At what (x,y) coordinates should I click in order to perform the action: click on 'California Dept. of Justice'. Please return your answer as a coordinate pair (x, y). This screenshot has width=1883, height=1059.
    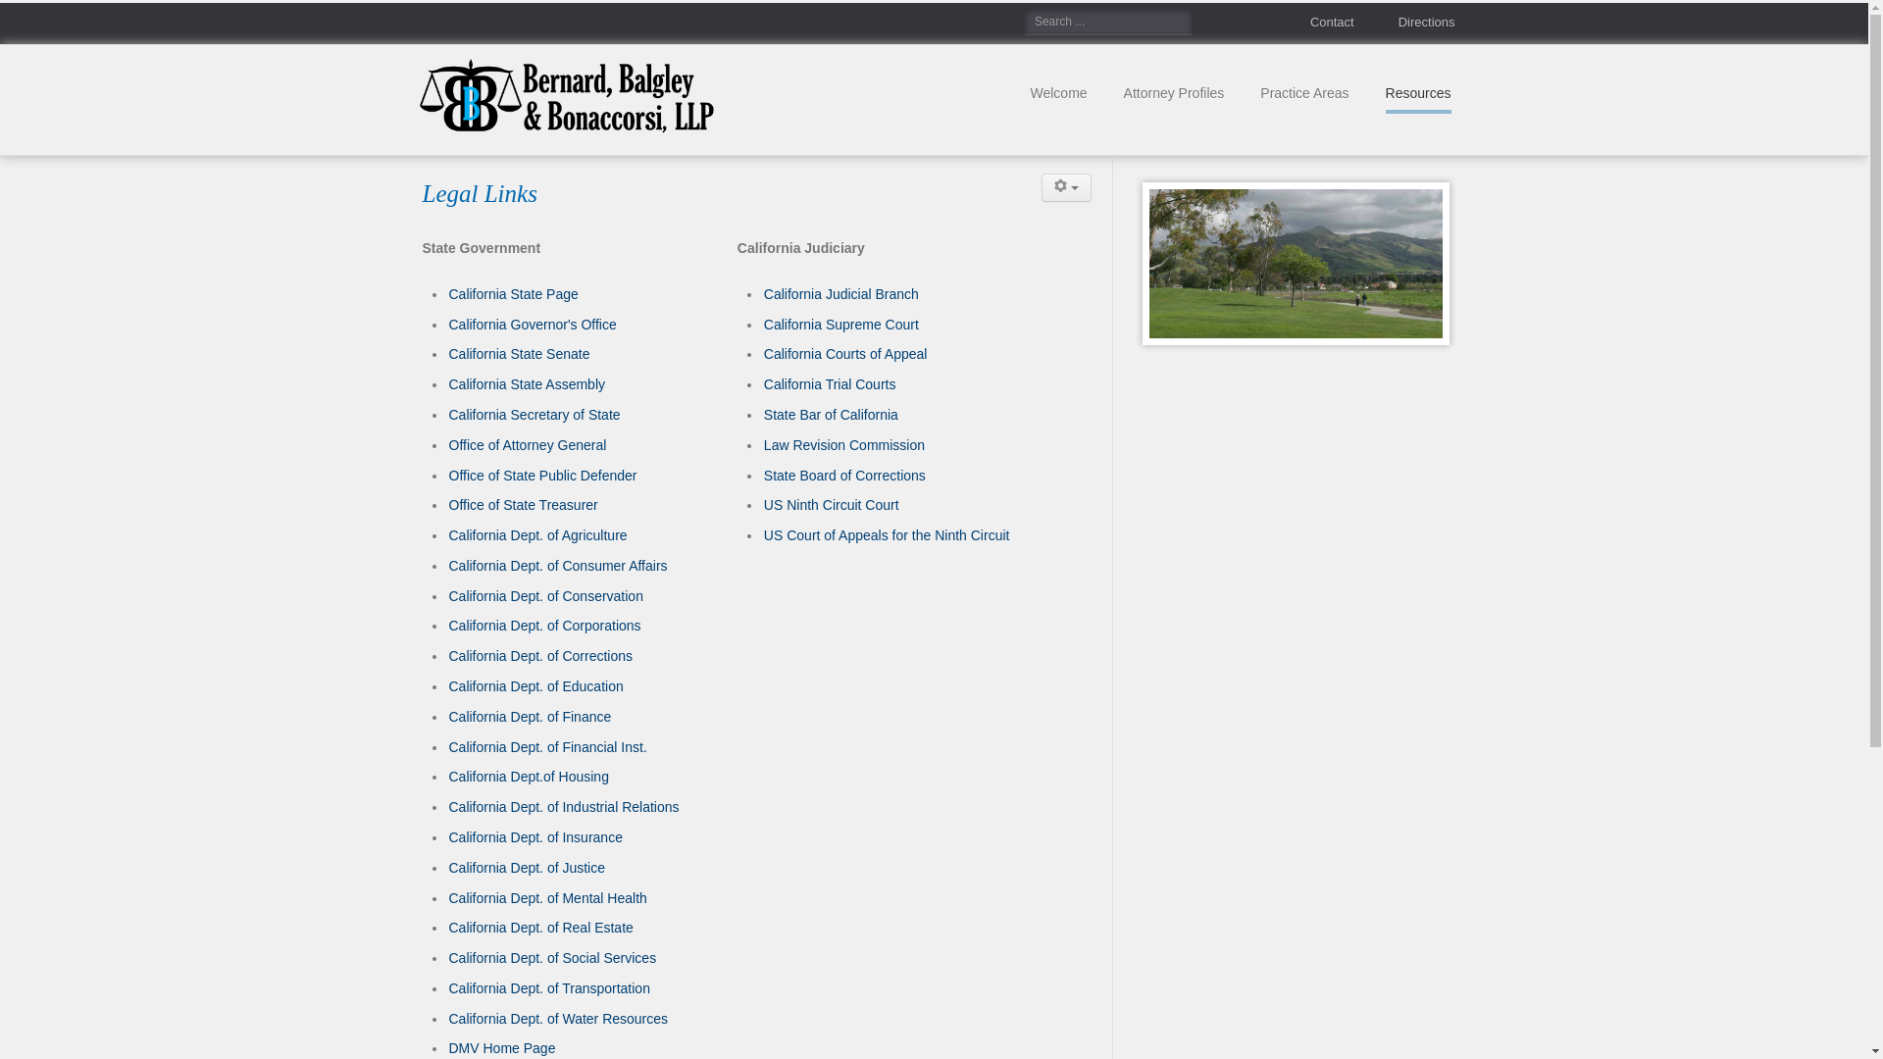
    Looking at the image, I should click on (527, 866).